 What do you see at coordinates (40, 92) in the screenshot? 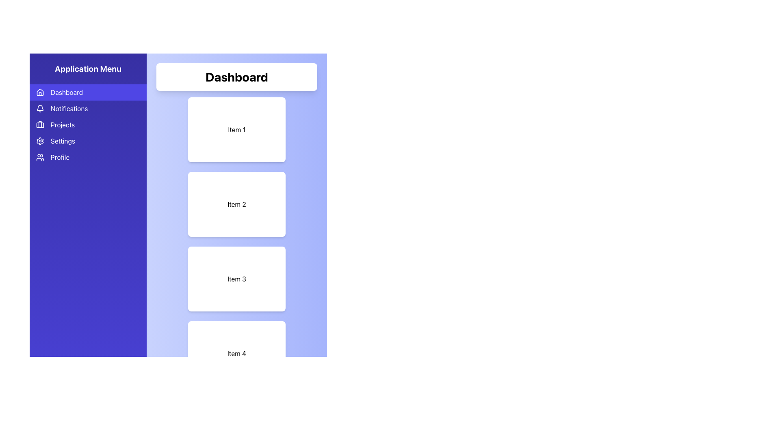
I see `the house icon in the left-side navigation menu, which is located at the top and associated with the 'Dashboard' label` at bounding box center [40, 92].